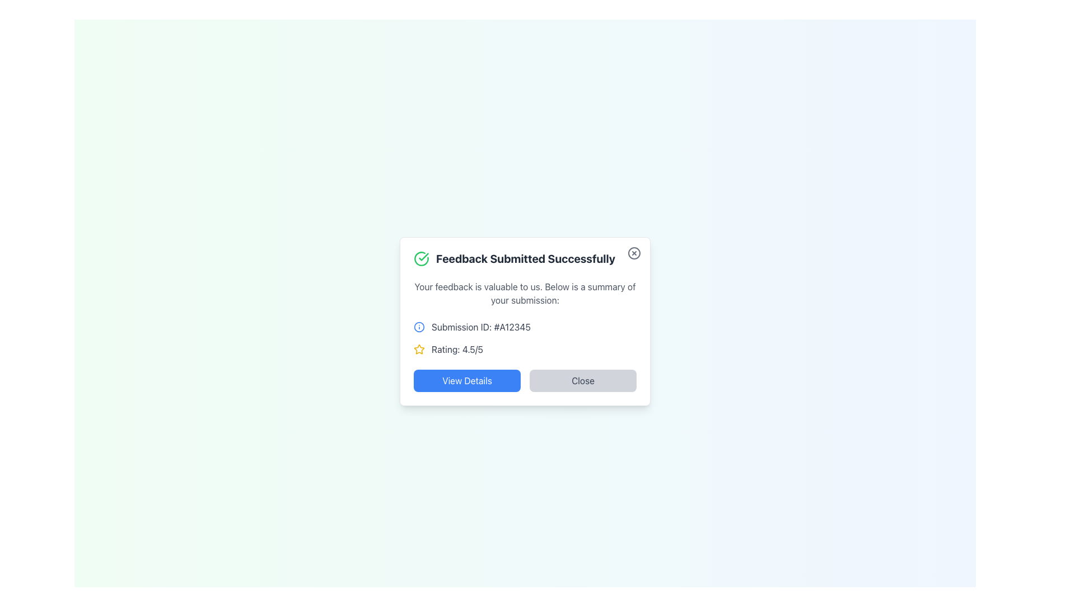  Describe the element at coordinates (524, 327) in the screenshot. I see `the Label with Icon displaying 'Submission ID: #A12345' which includes a blue circular information icon to its left and is centrally located in a modal popup` at that location.